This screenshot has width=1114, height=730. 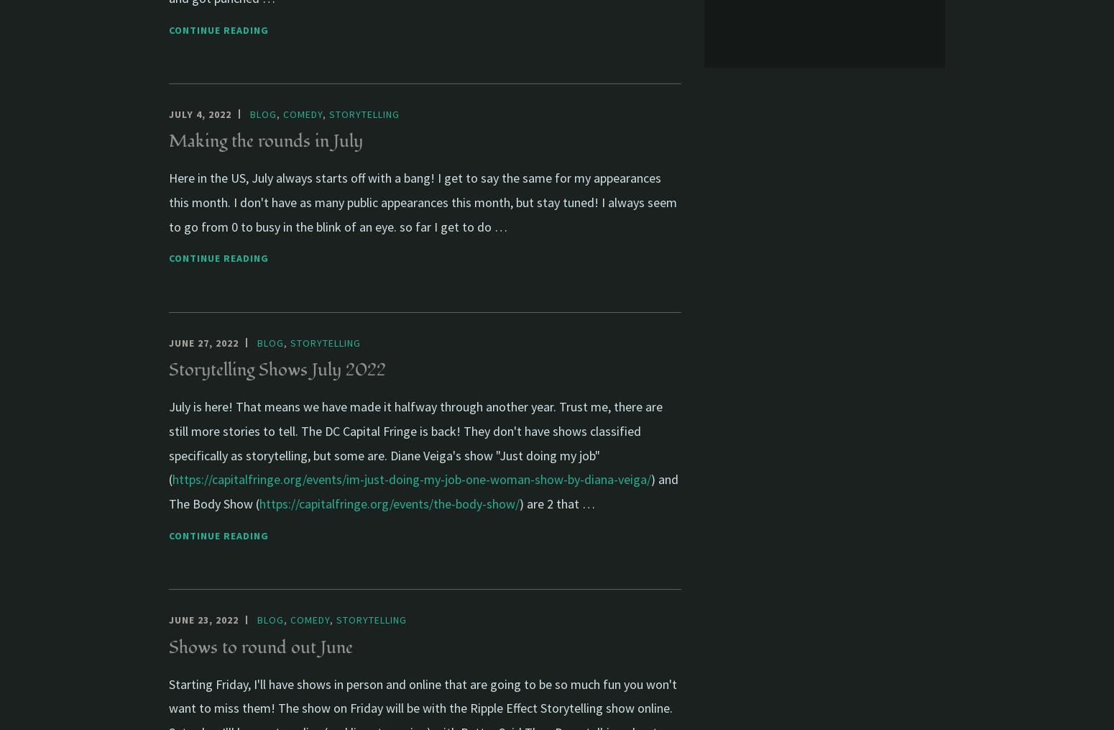 What do you see at coordinates (200, 113) in the screenshot?
I see `'July 4, 2022'` at bounding box center [200, 113].